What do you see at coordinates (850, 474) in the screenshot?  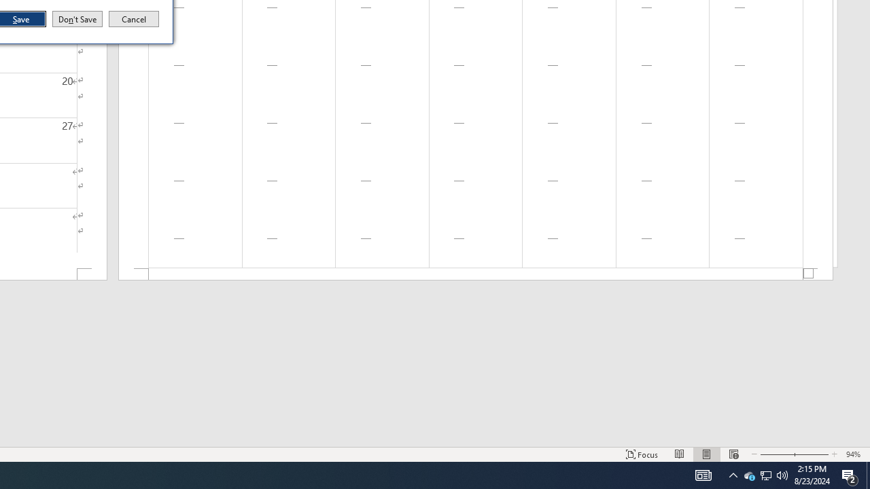 I see `'Action Center, 2 new notifications'` at bounding box center [850, 474].